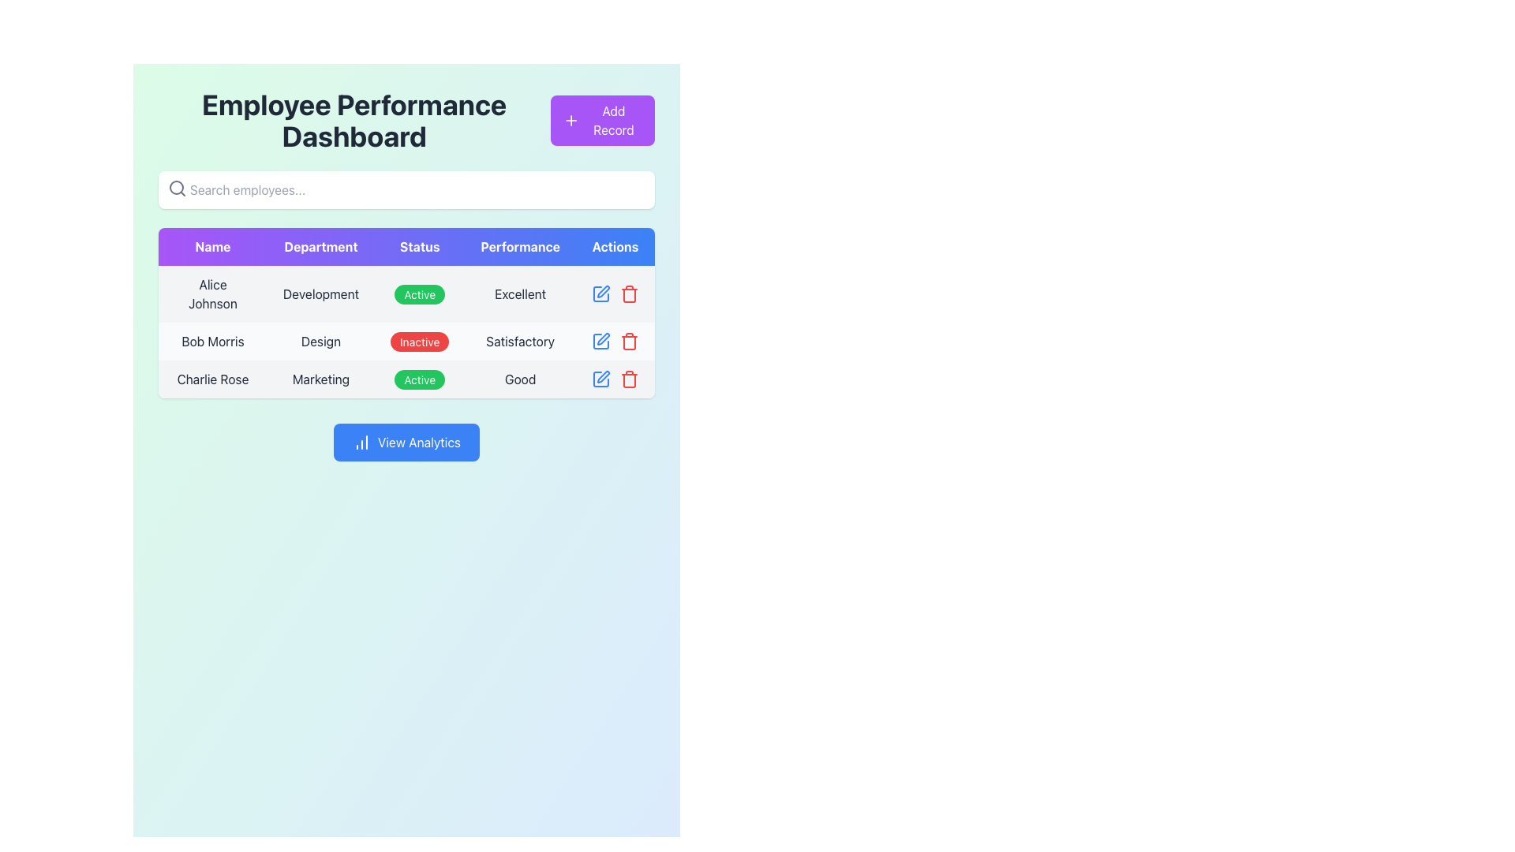 Image resolution: width=1515 pixels, height=852 pixels. Describe the element at coordinates (361, 442) in the screenshot. I see `the bar chart icon located within the blue button labeled 'View Analytics', positioned to the left of the text` at that location.